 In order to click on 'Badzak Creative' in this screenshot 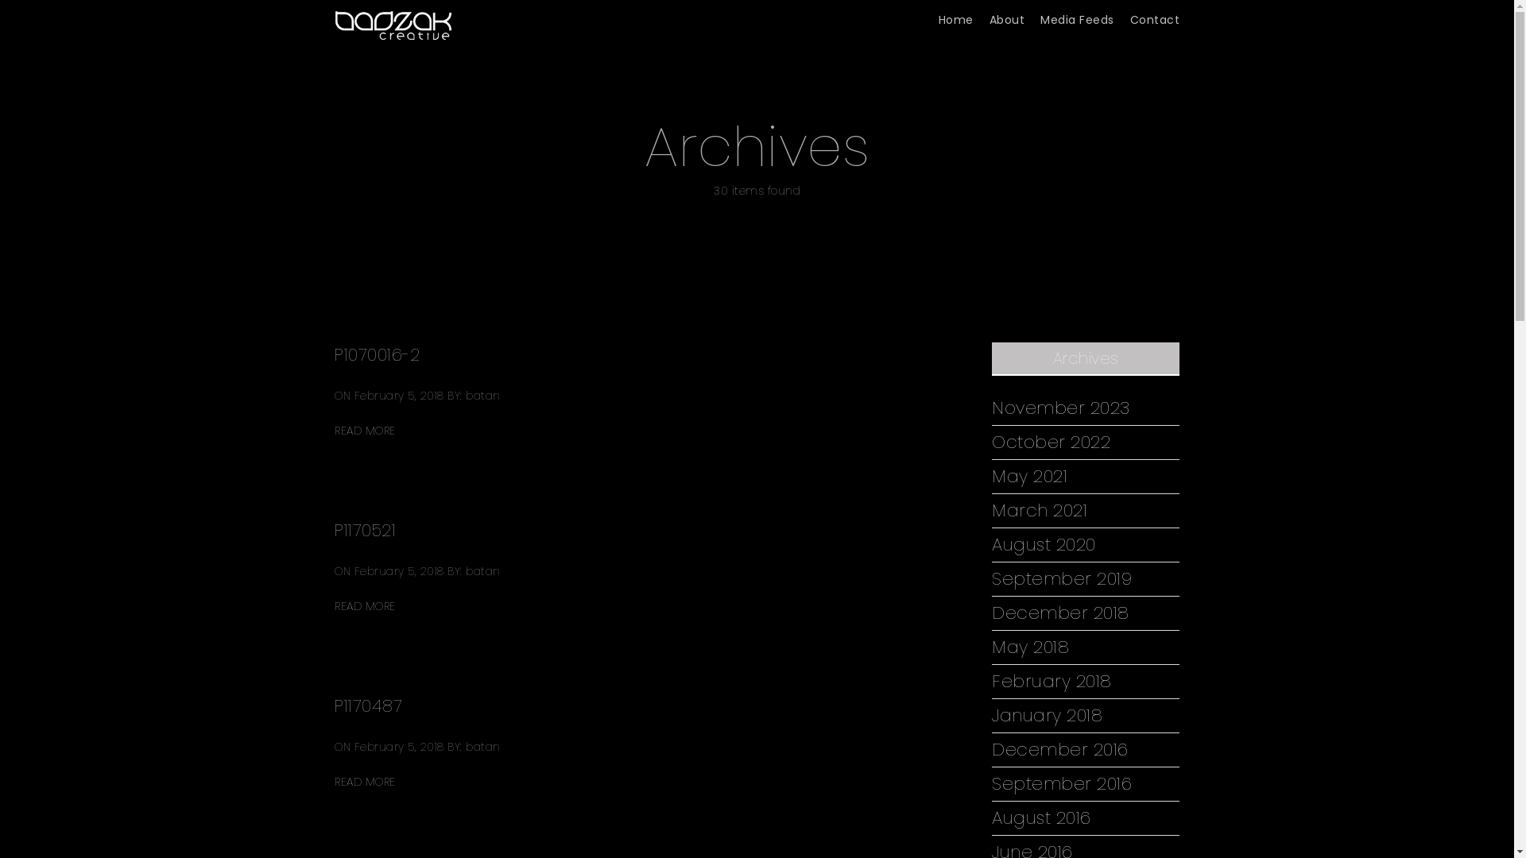, I will do `click(334, 19)`.